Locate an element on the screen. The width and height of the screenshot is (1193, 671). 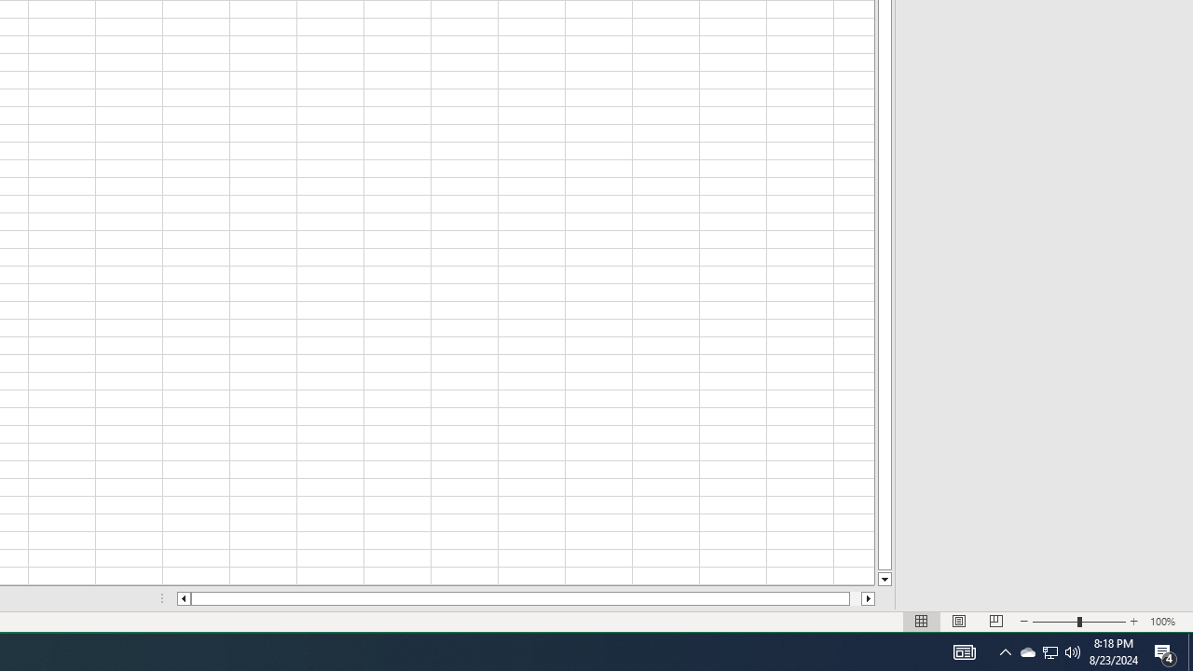
'Action Center, 4 new notifications' is located at coordinates (1189, 650).